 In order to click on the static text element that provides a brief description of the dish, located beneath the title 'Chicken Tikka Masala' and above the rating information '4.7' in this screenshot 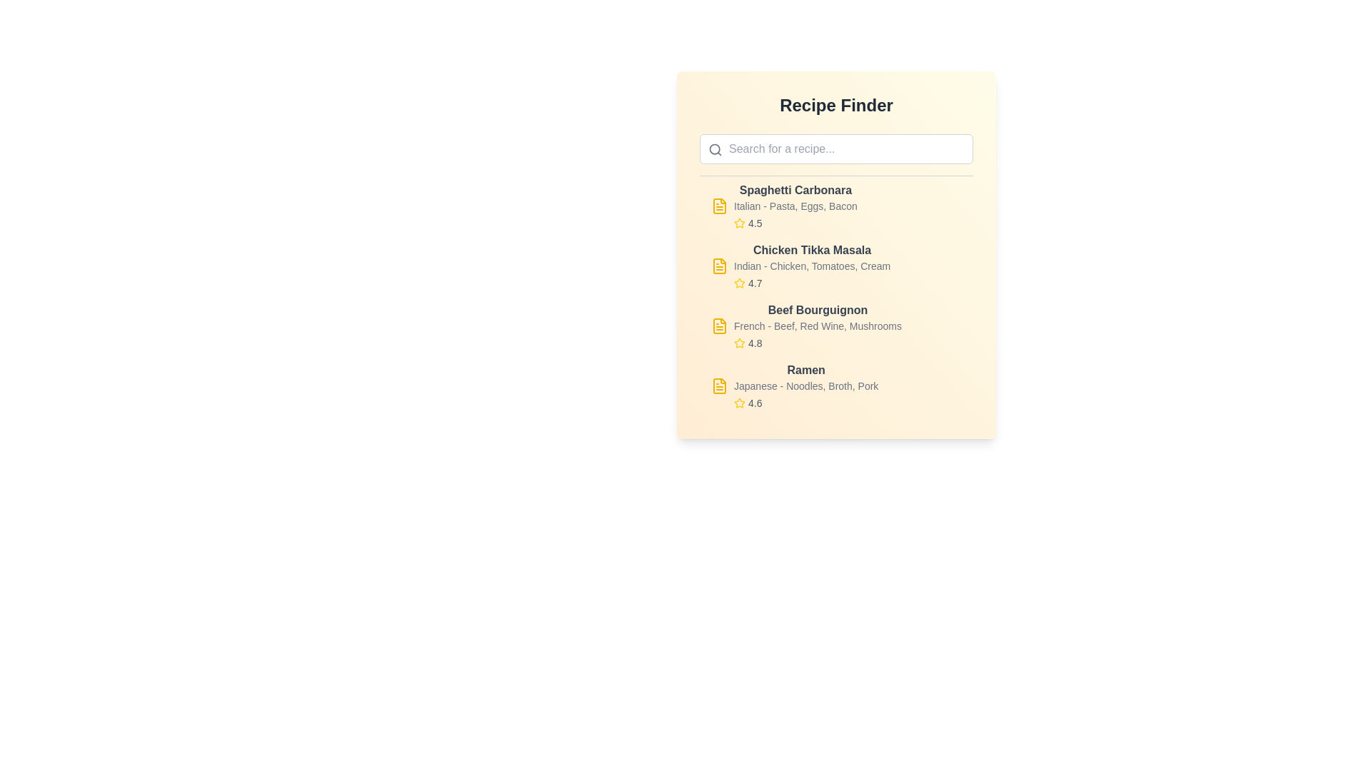, I will do `click(812, 266)`.